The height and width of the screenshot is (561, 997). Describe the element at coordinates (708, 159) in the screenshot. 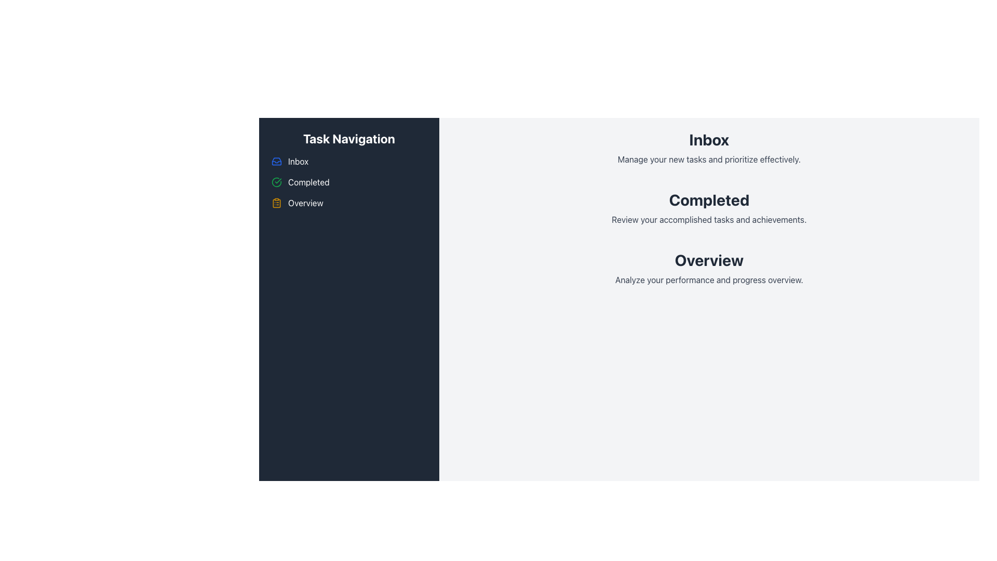

I see `the text that reads 'Manage your new tasks and prioritize effectively.' located under the title 'Inbox' on the right-side content area` at that location.